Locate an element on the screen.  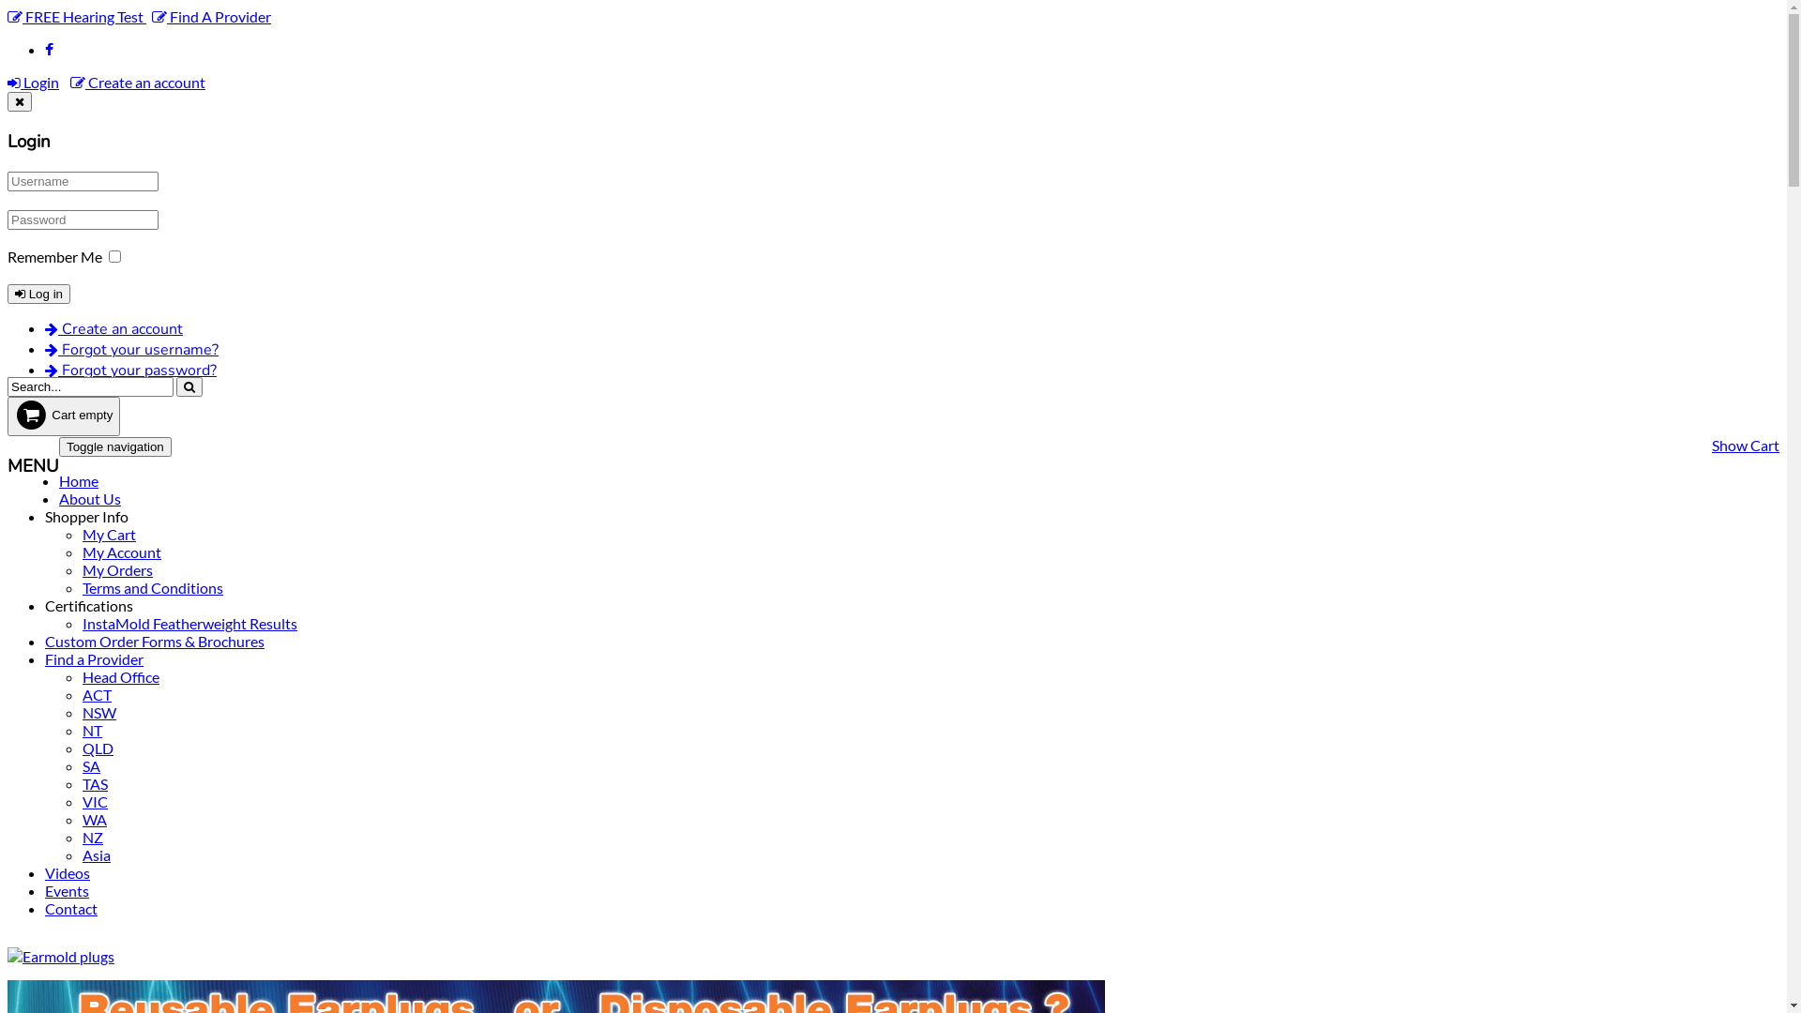
'Terms and Conditions' is located at coordinates (153, 586).